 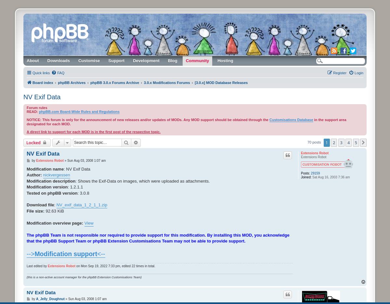 What do you see at coordinates (26, 205) in the screenshot?
I see `'Download file'` at bounding box center [26, 205].